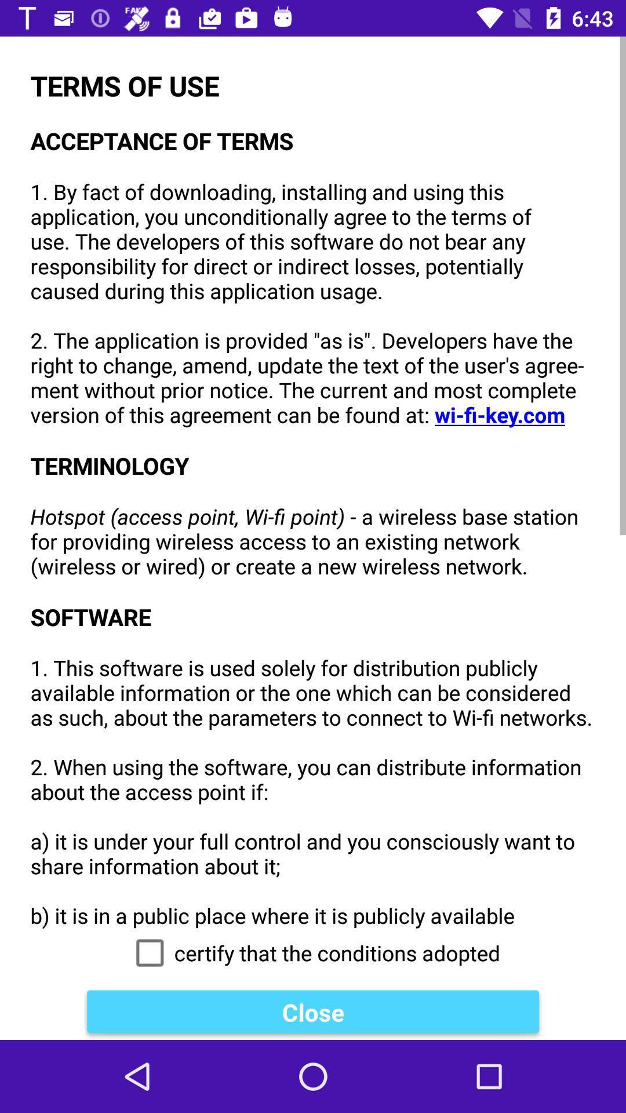 This screenshot has width=626, height=1113. I want to click on terms of use item, so click(313, 482).